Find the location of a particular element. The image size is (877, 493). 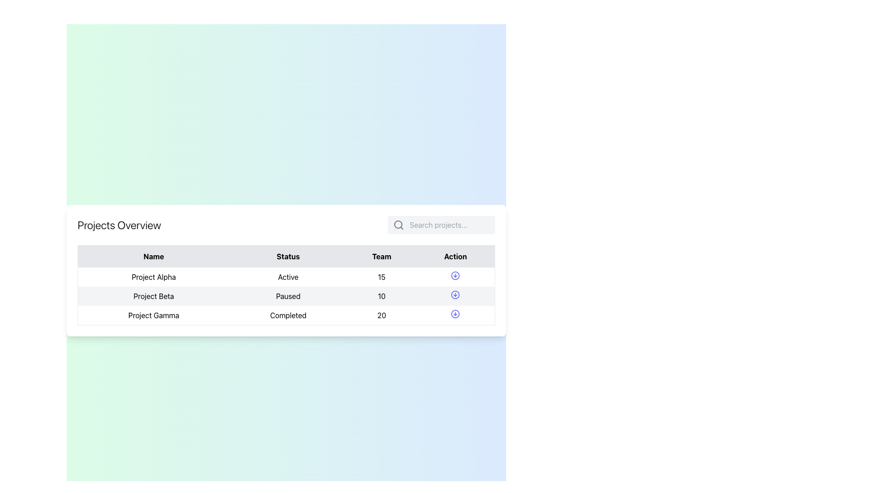

the search field with a rounded rectangle shape and a light gray background to focus on it for input is located at coordinates (441, 225).